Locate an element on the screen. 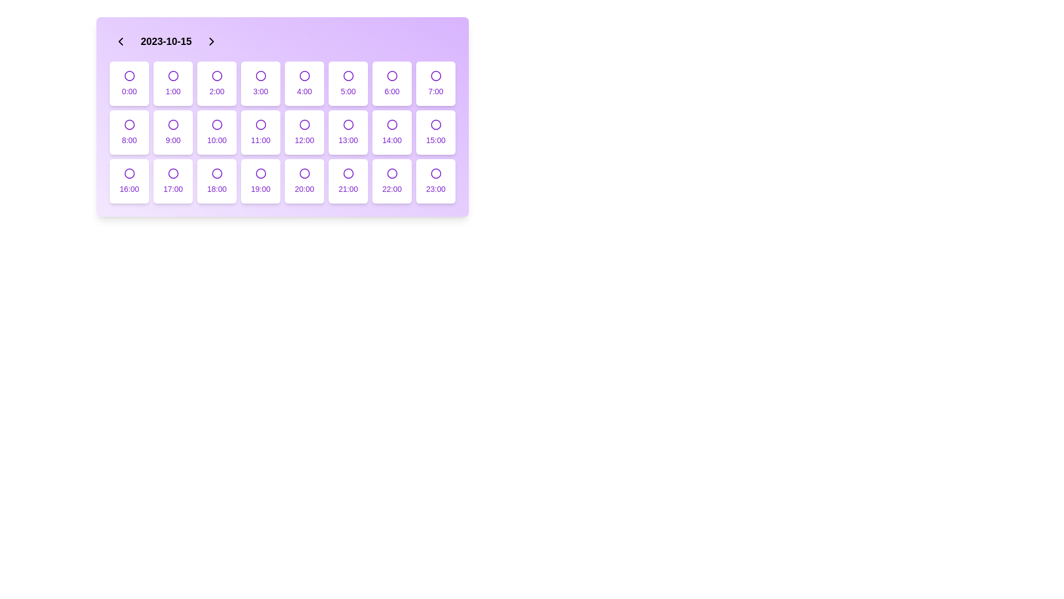 The height and width of the screenshot is (599, 1064). the selectable time slot button for 12:00 in the scheduling interface is located at coordinates (304, 132).